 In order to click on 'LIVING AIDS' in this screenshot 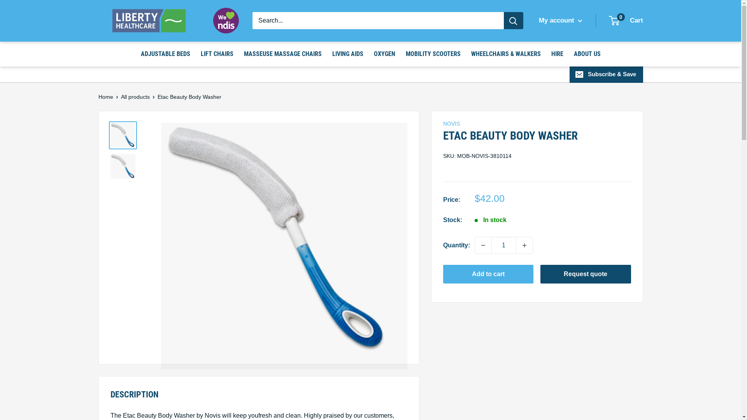, I will do `click(347, 53)`.